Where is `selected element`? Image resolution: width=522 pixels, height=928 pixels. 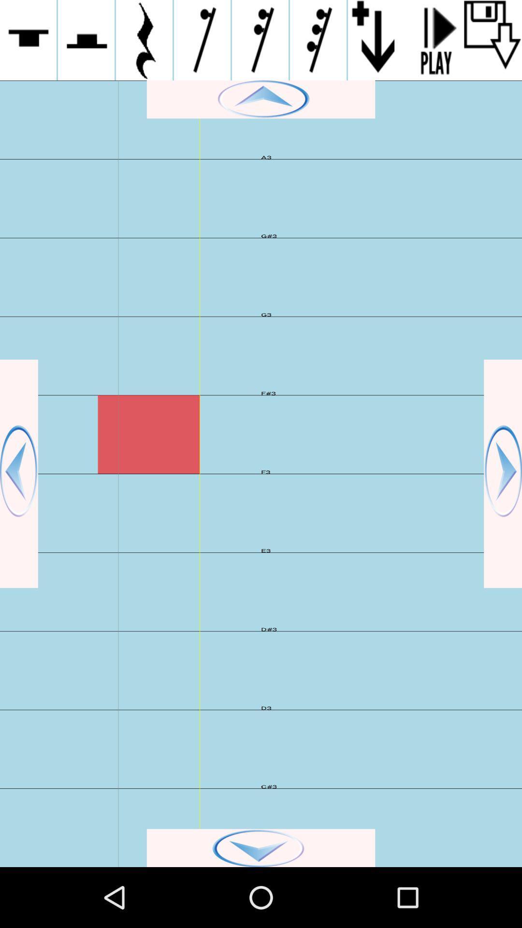
selected element is located at coordinates (86, 40).